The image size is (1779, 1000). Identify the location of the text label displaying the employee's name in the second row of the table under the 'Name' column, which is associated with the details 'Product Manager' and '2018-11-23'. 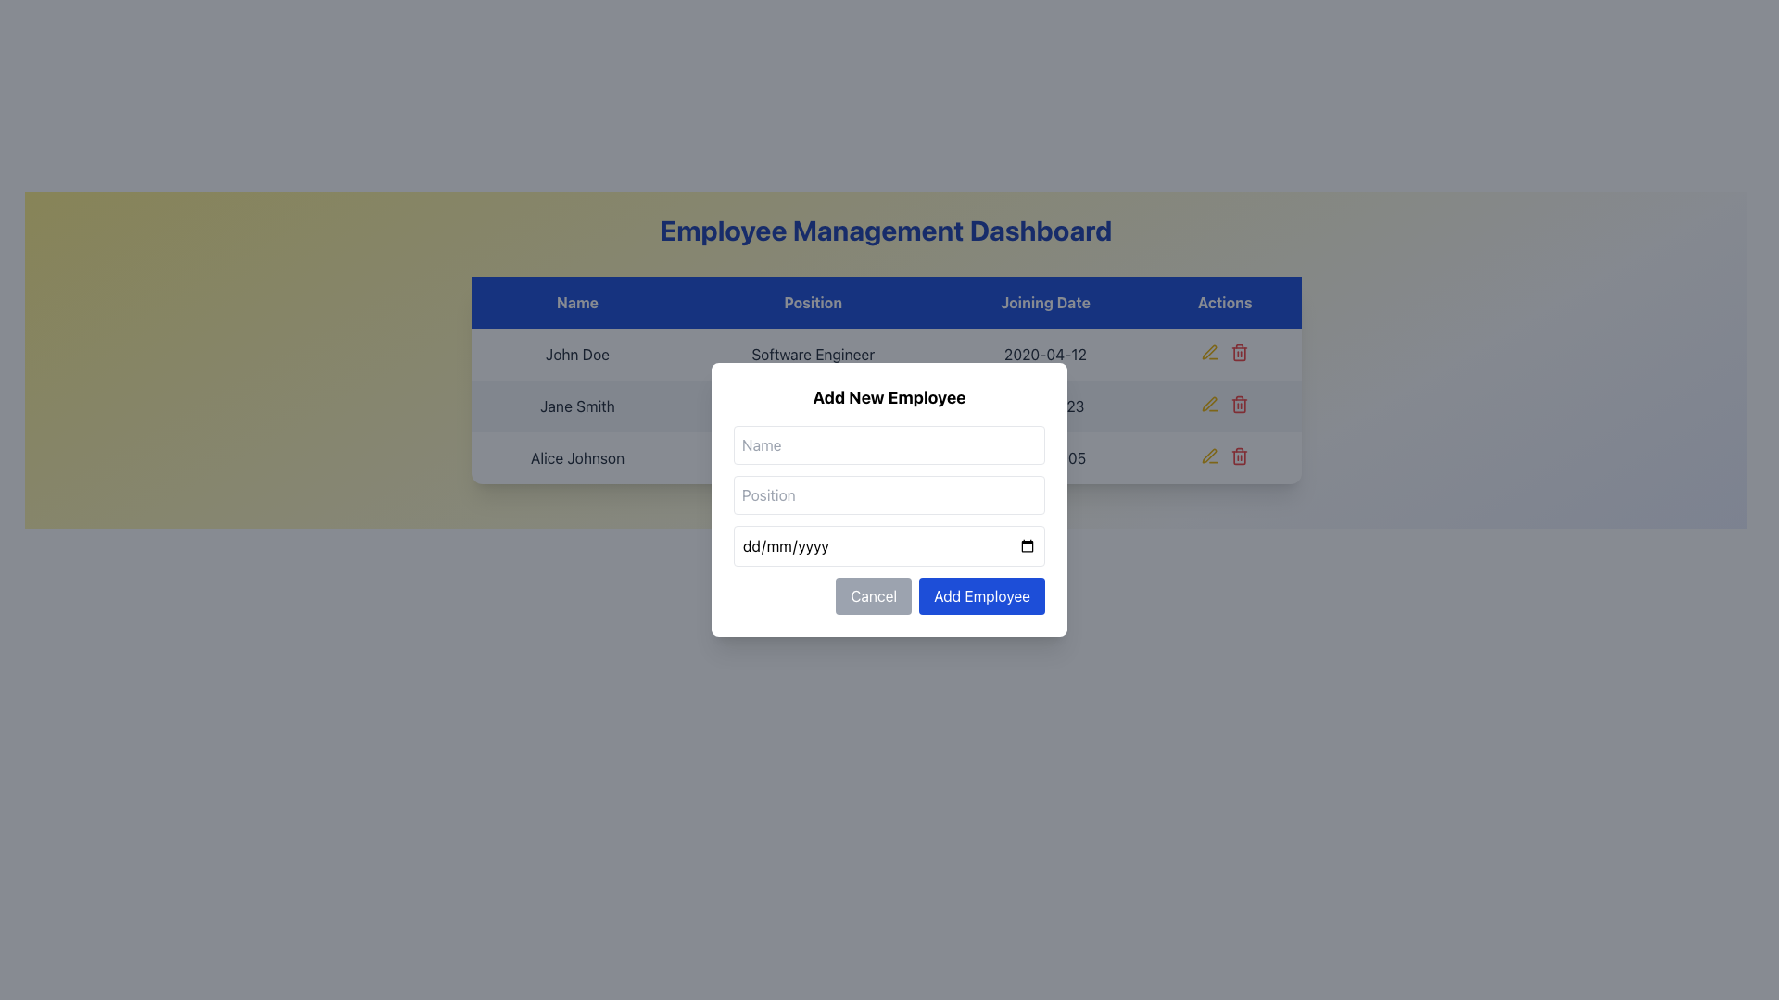
(576, 406).